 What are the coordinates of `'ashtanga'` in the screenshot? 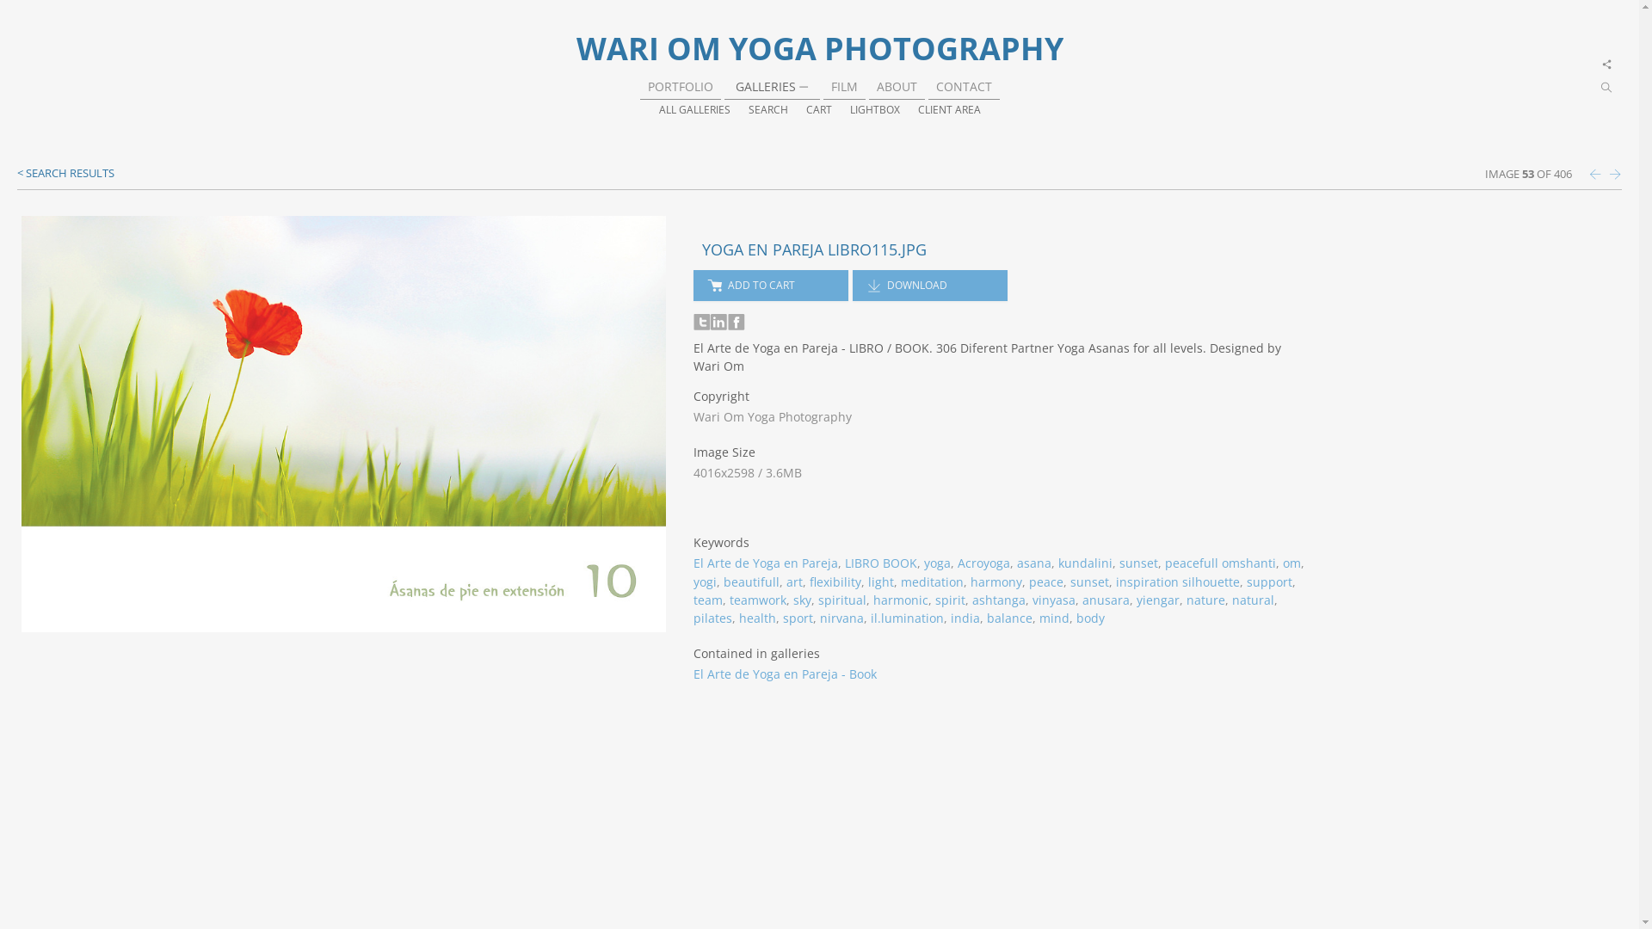 It's located at (999, 599).